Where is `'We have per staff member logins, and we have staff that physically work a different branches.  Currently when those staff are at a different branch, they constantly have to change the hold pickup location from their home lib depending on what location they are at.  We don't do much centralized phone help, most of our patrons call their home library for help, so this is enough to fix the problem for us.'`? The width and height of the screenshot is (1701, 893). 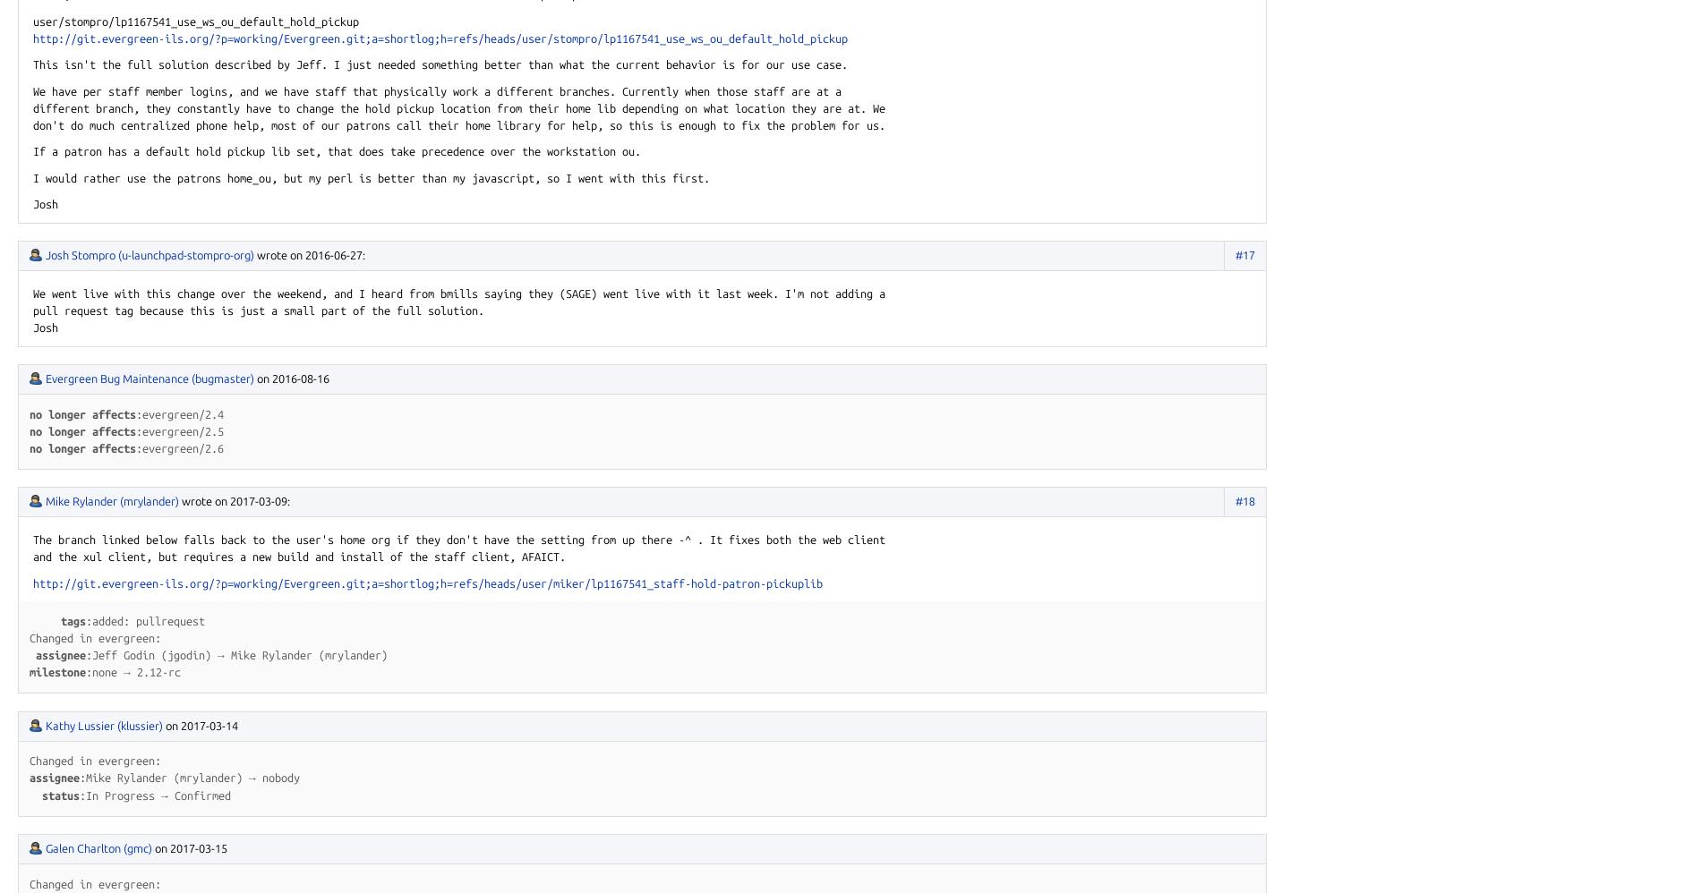
'We have per staff member logins, and we have staff that physically work a different branches.  Currently when those staff are at a different branch, they constantly have to change the hold pickup location from their home lib depending on what location they are at.  We don't do much centralized phone help, most of our patrons call their home library for help, so this is enough to fix the problem for us.' is located at coordinates (459, 106).